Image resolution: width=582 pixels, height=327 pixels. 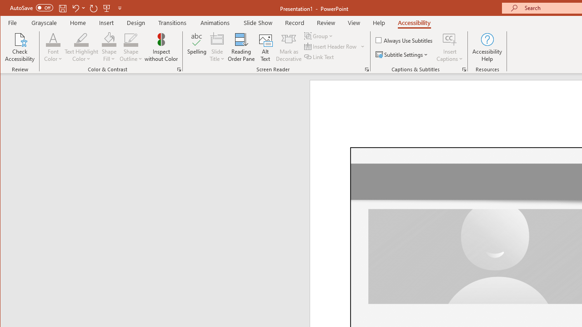 What do you see at coordinates (241, 47) in the screenshot?
I see `'Reading Order Pane'` at bounding box center [241, 47].